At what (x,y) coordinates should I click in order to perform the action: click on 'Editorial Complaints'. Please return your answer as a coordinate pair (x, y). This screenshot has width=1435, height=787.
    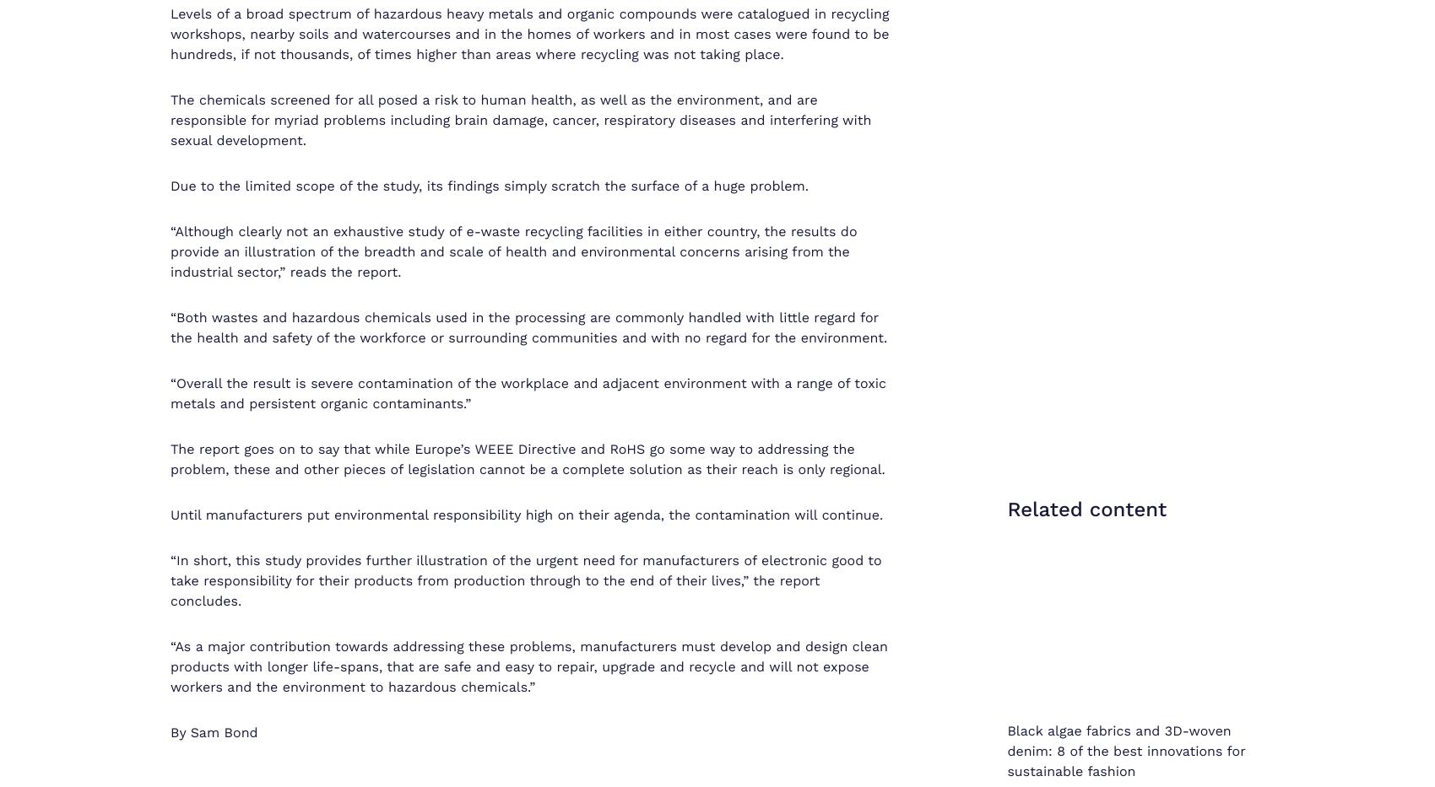
    Looking at the image, I should click on (1166, 767).